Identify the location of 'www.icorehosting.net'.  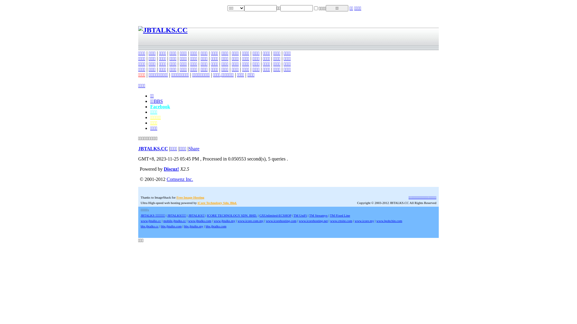
(313, 221).